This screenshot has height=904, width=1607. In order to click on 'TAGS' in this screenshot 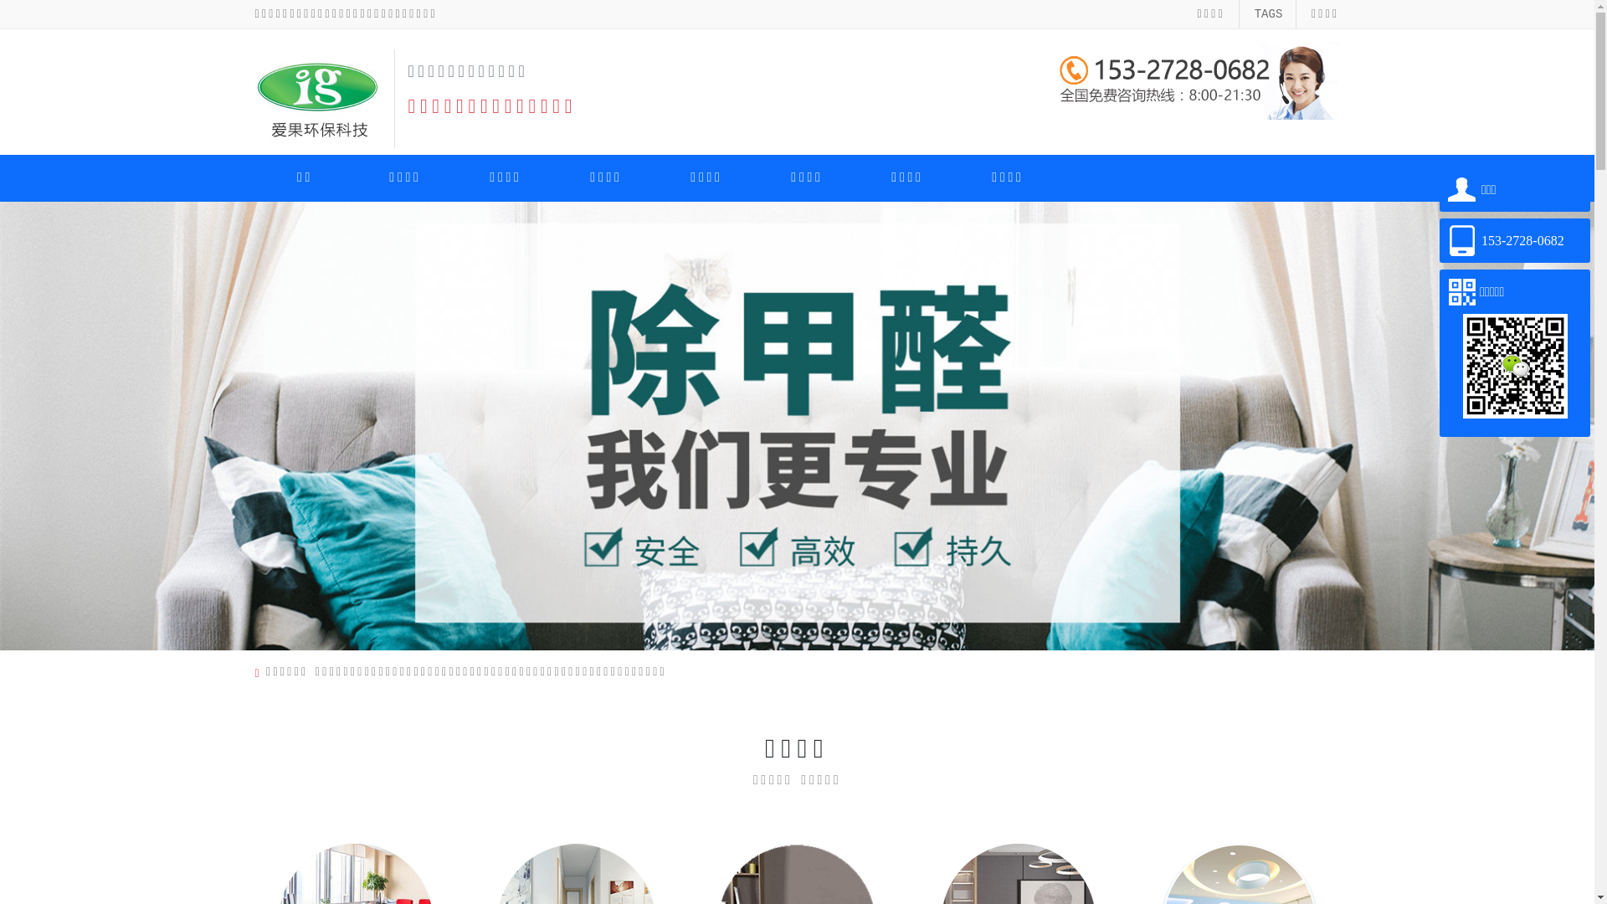, I will do `click(1269, 13)`.